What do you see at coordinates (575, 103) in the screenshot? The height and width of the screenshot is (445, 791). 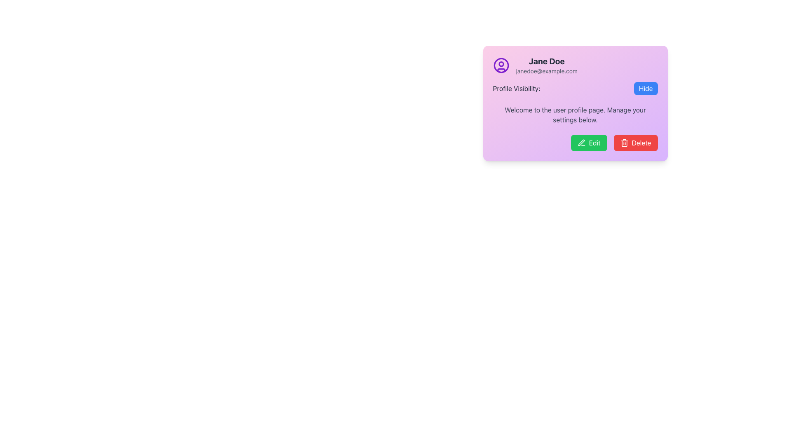 I see `introductory text displayed in the user profile card, which states 'Welcome to the user profile page. Manage your settings below.'` at bounding box center [575, 103].